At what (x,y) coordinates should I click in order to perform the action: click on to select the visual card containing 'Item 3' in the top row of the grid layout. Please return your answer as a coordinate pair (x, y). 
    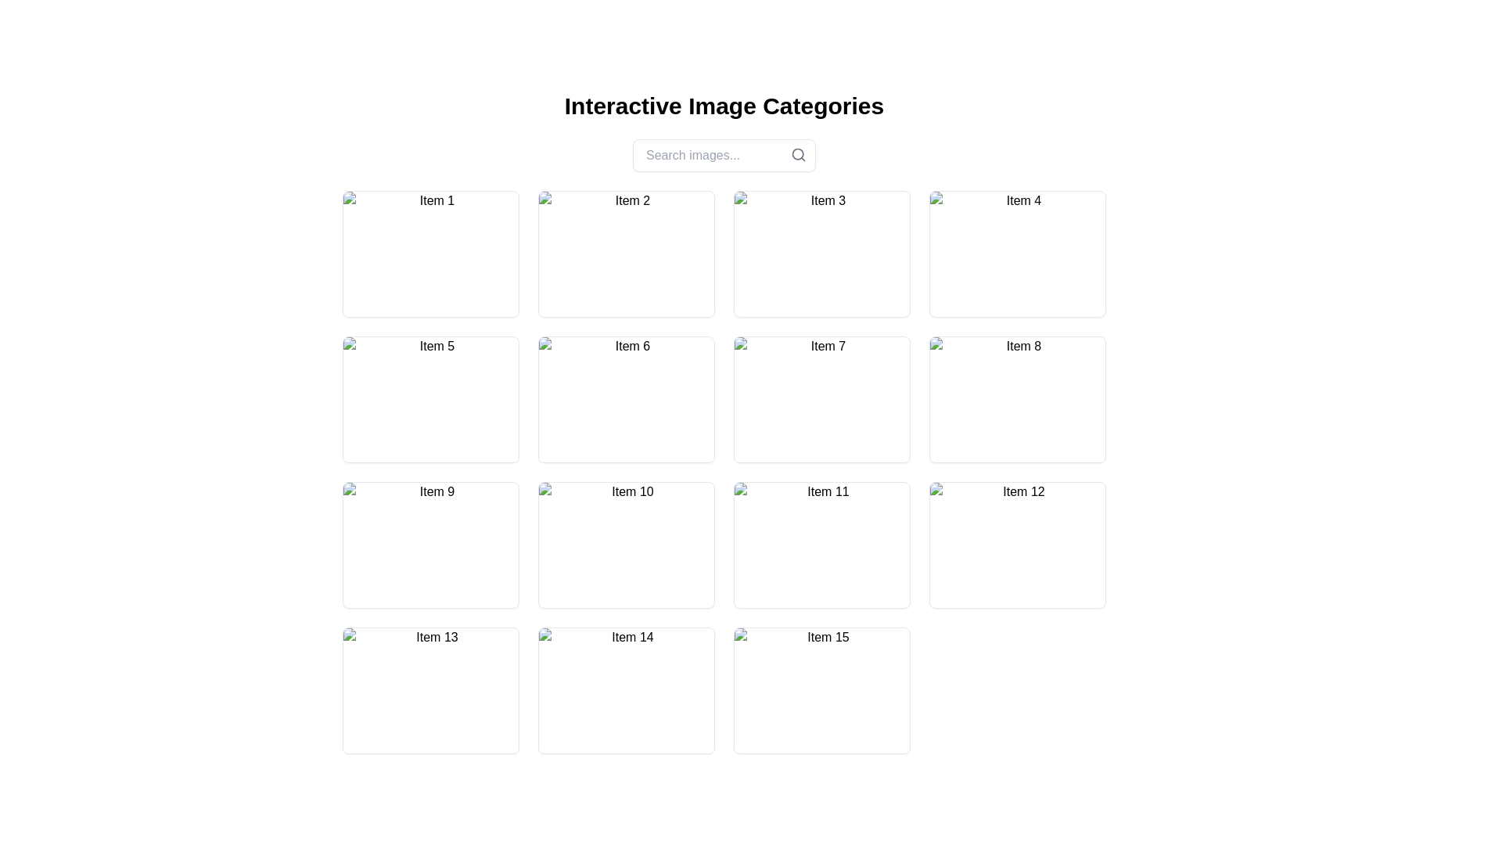
    Looking at the image, I should click on (821, 253).